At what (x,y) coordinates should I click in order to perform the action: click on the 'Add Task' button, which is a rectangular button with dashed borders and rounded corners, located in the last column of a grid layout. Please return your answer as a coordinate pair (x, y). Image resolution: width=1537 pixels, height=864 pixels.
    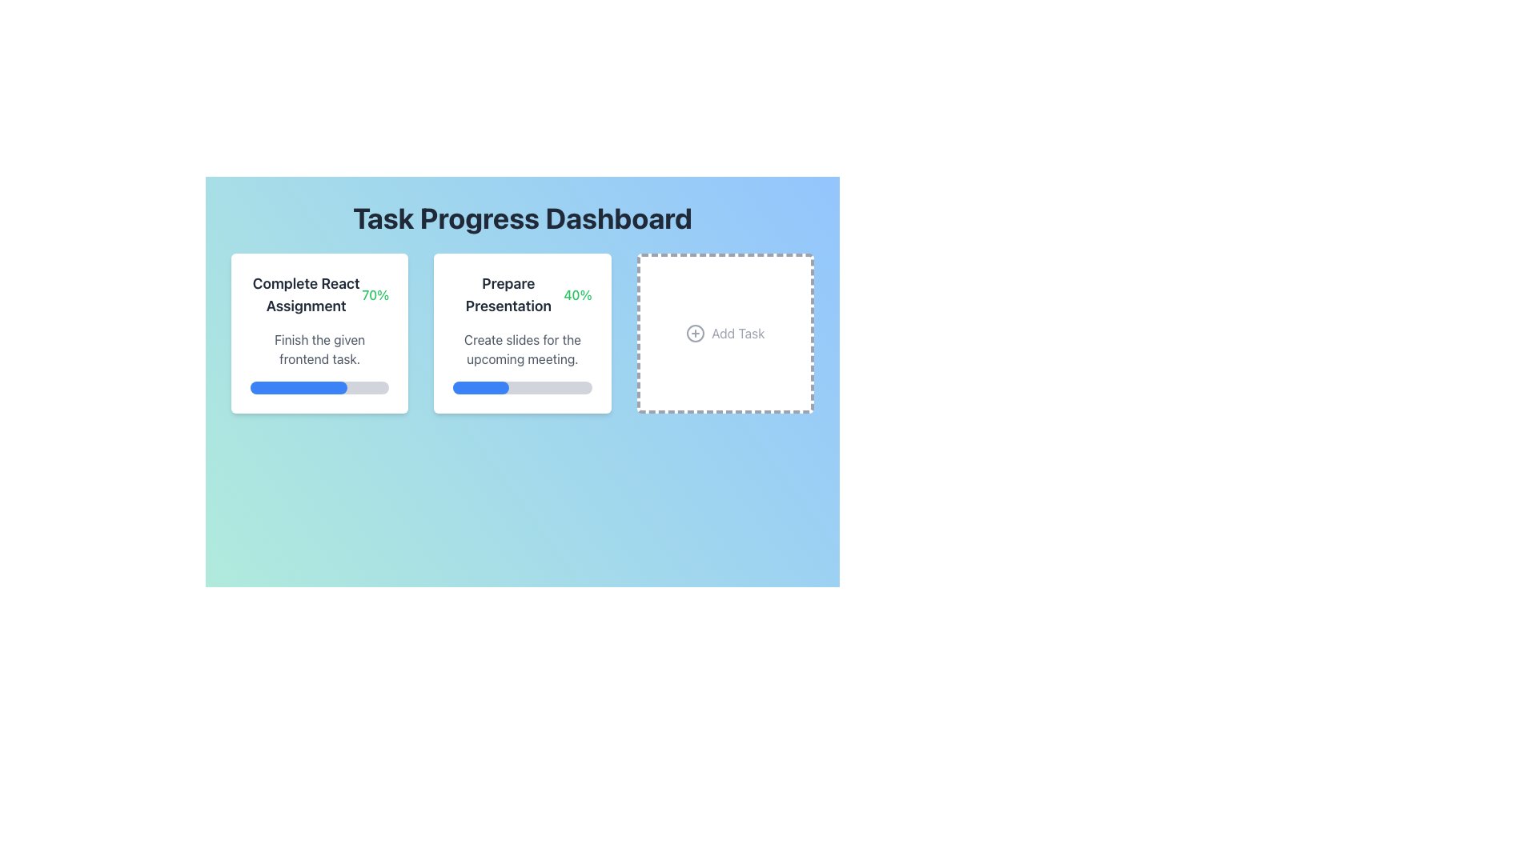
    Looking at the image, I should click on (724, 332).